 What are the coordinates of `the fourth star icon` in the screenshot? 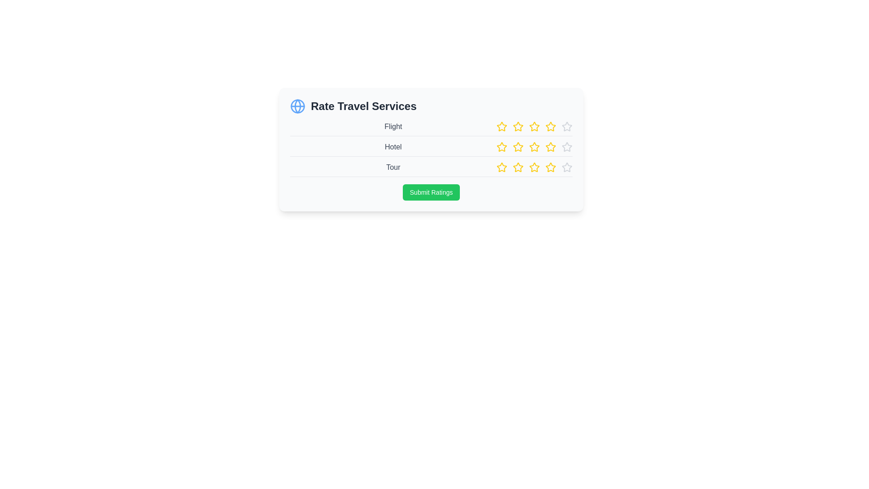 It's located at (534, 146).